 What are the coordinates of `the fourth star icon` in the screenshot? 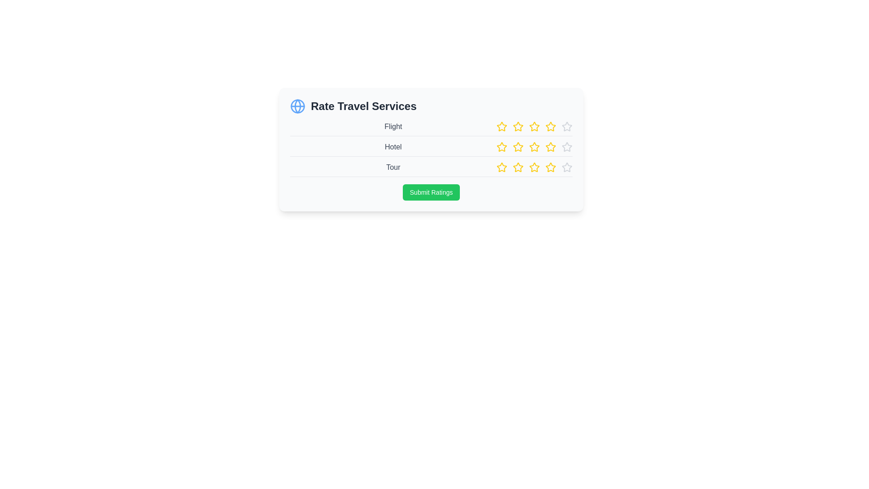 It's located at (534, 146).